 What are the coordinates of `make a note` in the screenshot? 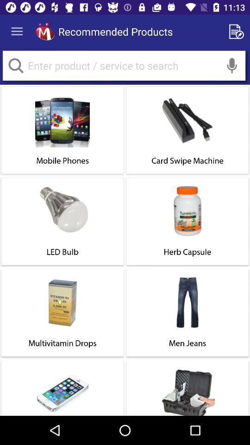 It's located at (238, 32).